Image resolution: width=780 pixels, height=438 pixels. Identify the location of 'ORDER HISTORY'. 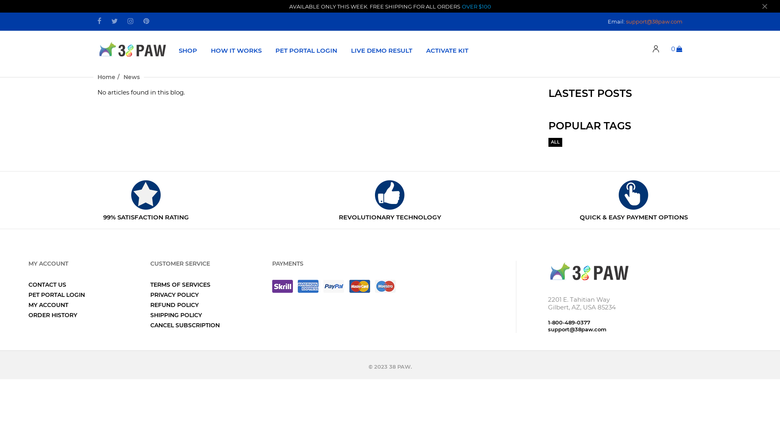
(52, 314).